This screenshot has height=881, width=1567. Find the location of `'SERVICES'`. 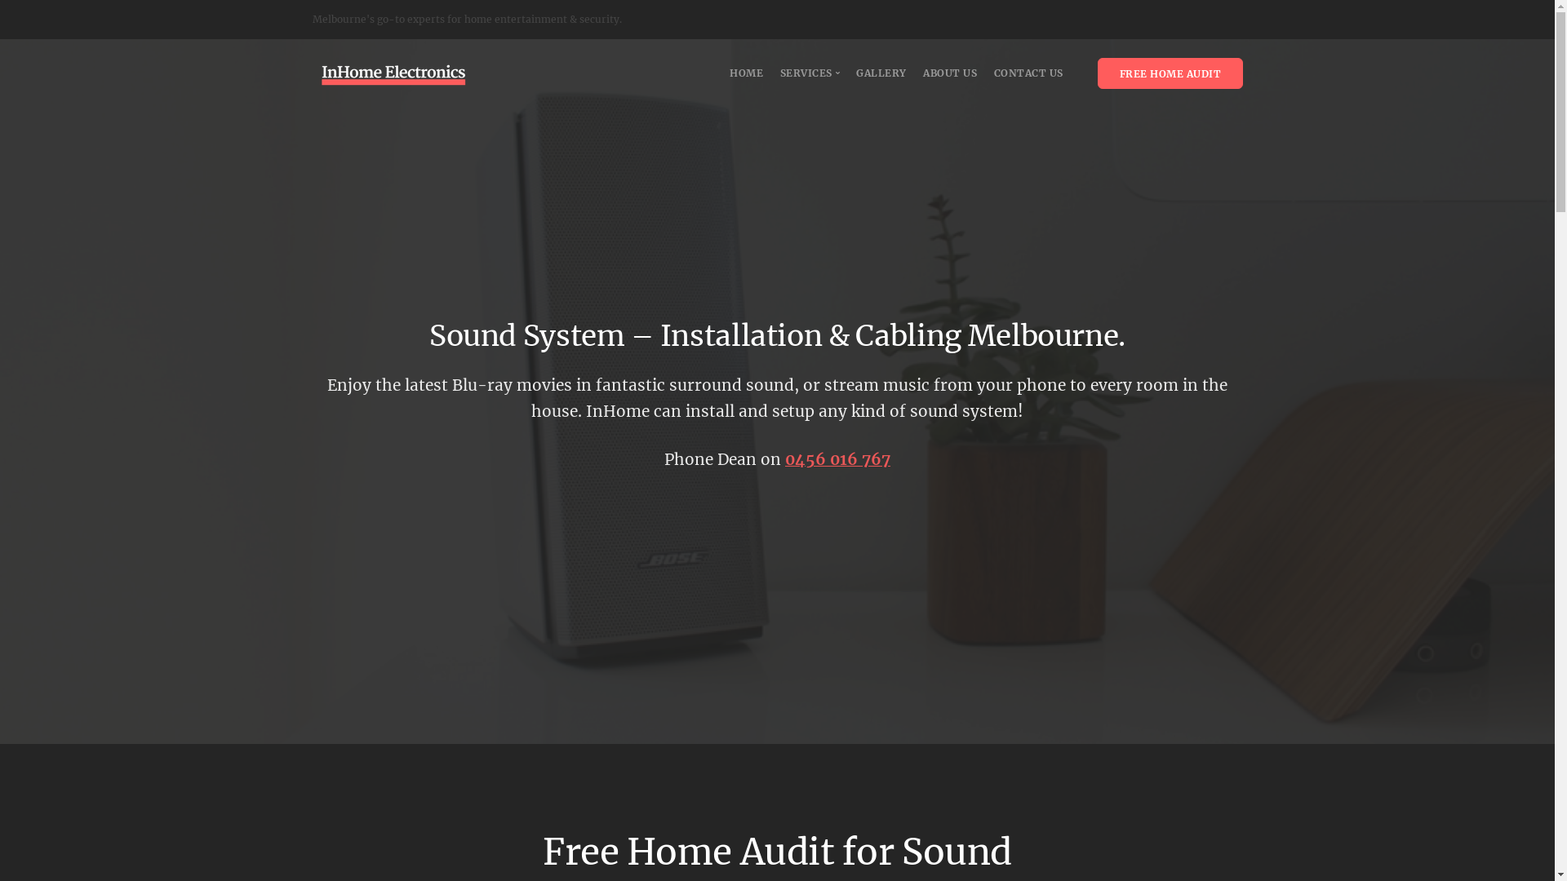

'SERVICES' is located at coordinates (810, 72).